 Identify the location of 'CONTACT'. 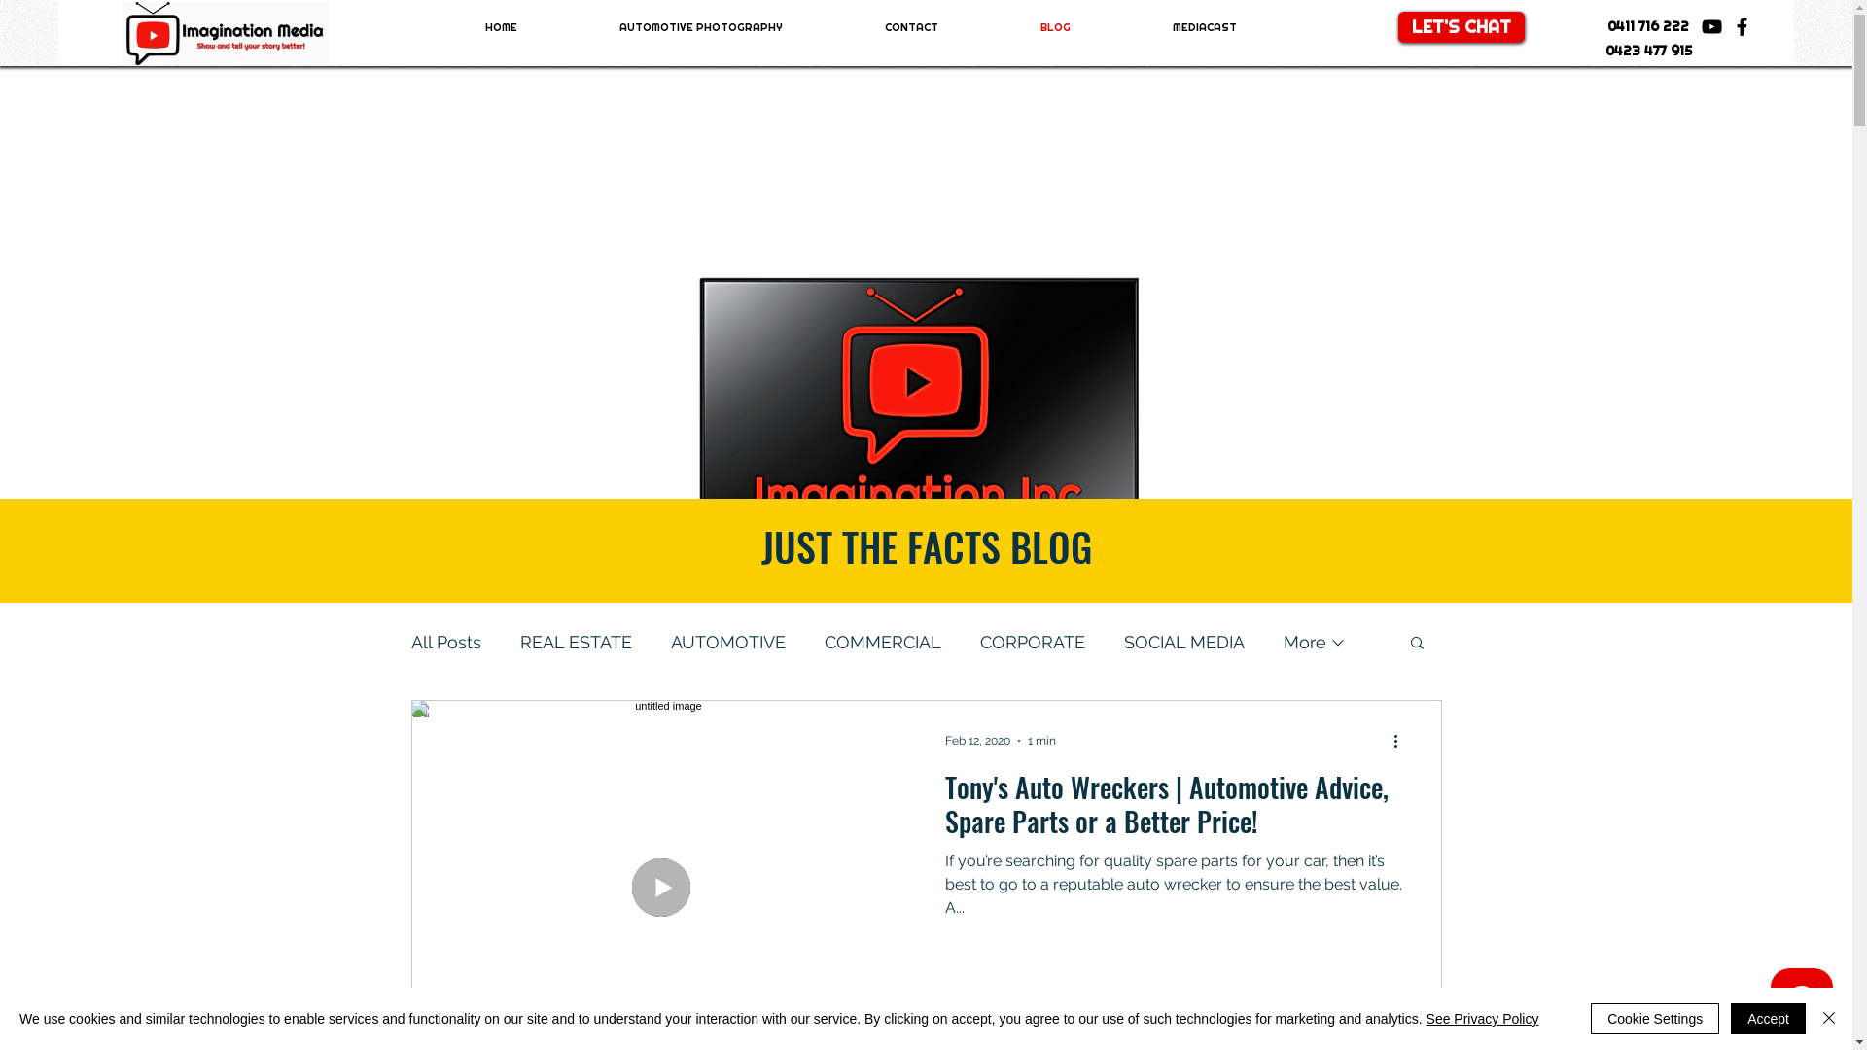
(910, 26).